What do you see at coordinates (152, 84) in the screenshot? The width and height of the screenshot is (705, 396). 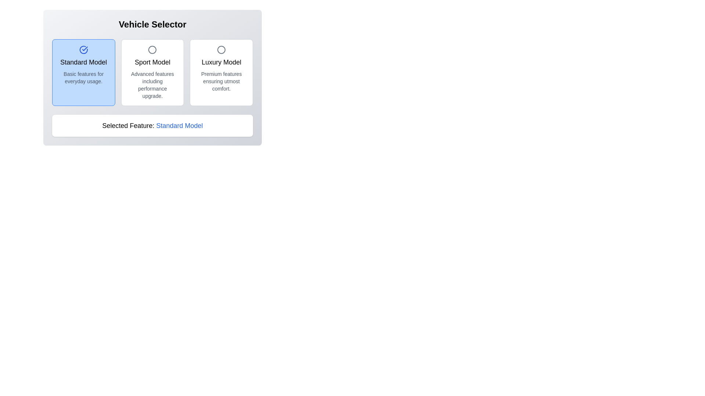 I see `the Text Label that describes the features and benefits of the 'Sport Model' selection, located underneath the title within the 'Sport Model' card` at bounding box center [152, 84].